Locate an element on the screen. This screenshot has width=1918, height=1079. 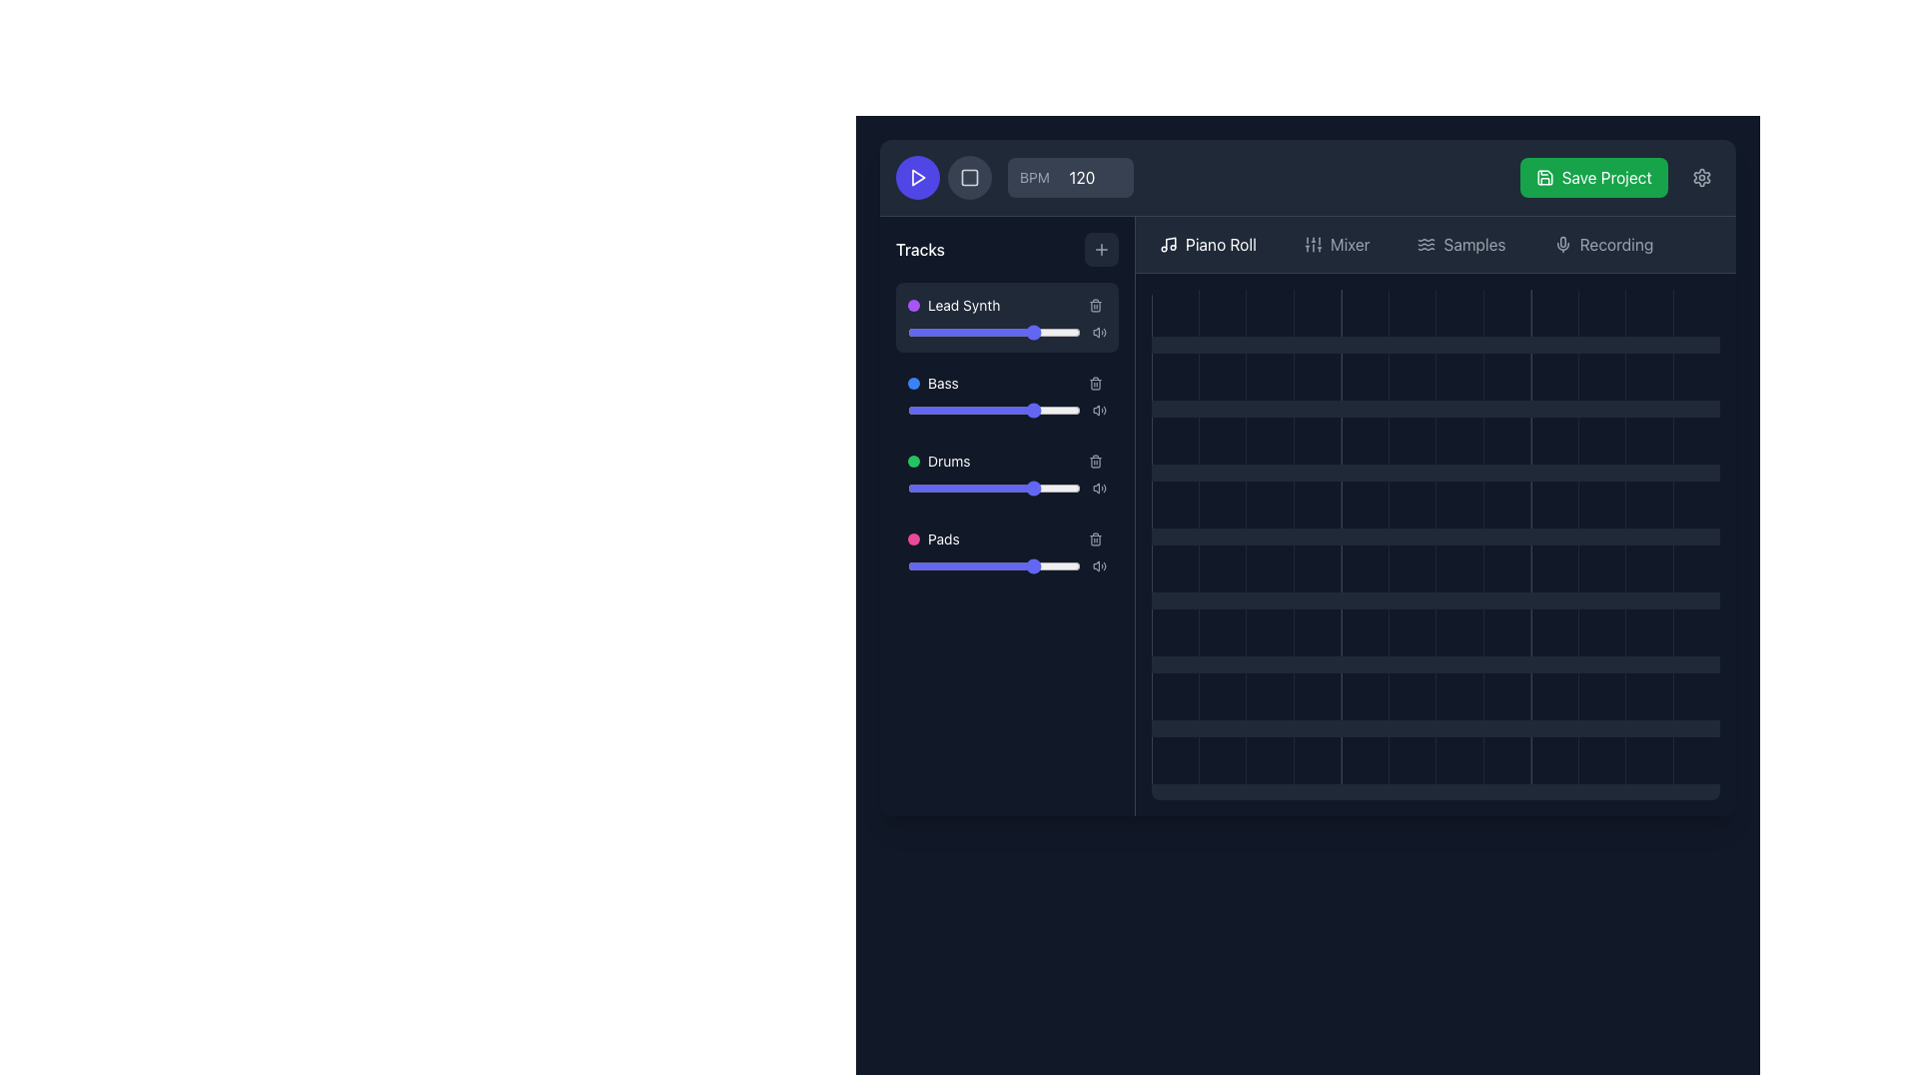
the second grid cell in the fifth row of the 'Piano Roll' tab, which is an interactive component for selecting or marking notes in a music editing interface is located at coordinates (1221, 568).